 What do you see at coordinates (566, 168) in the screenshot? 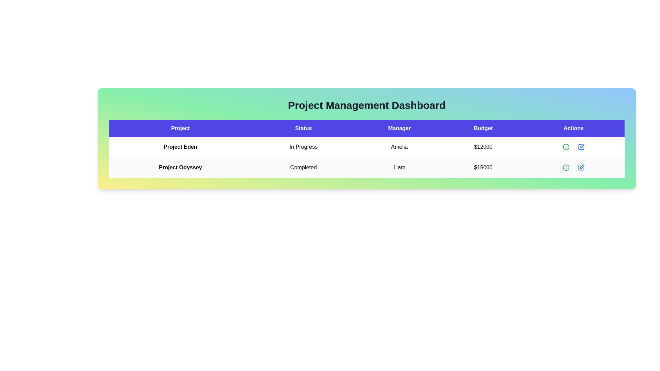
I see `the circular icon button with a green stroke and a centered exclamation mark located in the 'Actions' column of the second row in the table` at bounding box center [566, 168].